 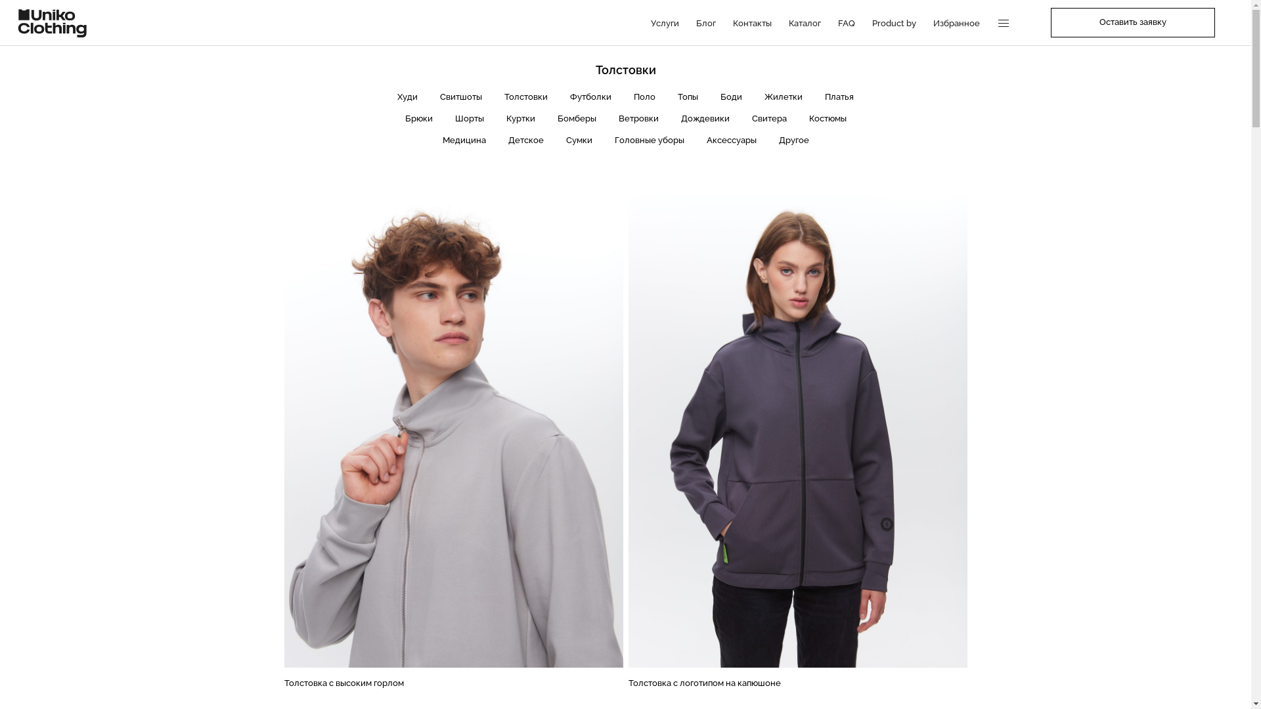 What do you see at coordinates (870, 22) in the screenshot?
I see `'Product by'` at bounding box center [870, 22].